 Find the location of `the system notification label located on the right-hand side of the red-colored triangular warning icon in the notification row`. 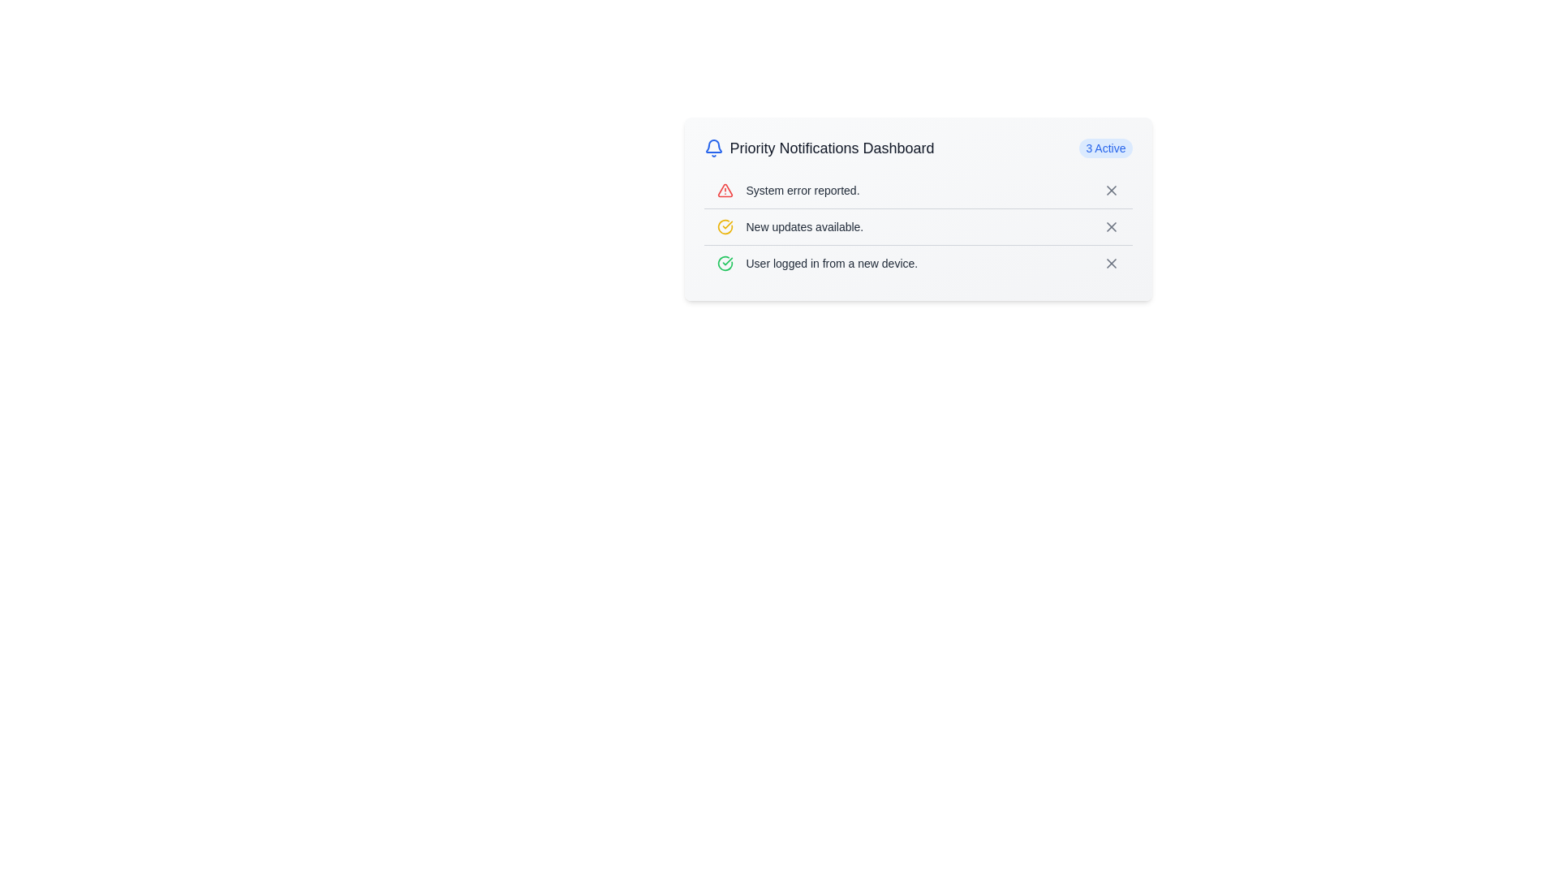

the system notification label located on the right-hand side of the red-colored triangular warning icon in the notification row is located at coordinates (803, 190).